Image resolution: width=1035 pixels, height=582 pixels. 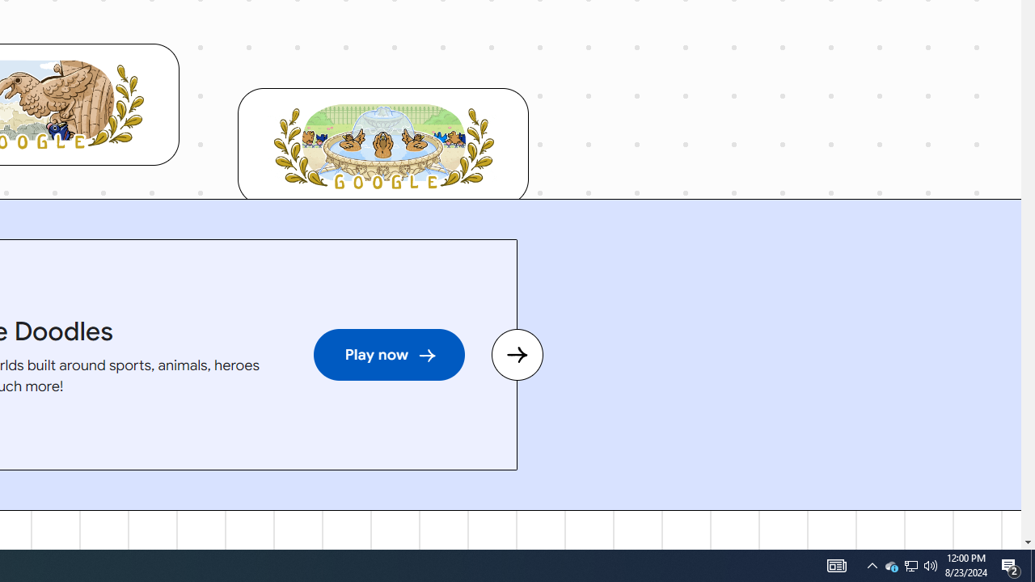 I want to click on 'Play now', so click(x=388, y=354).